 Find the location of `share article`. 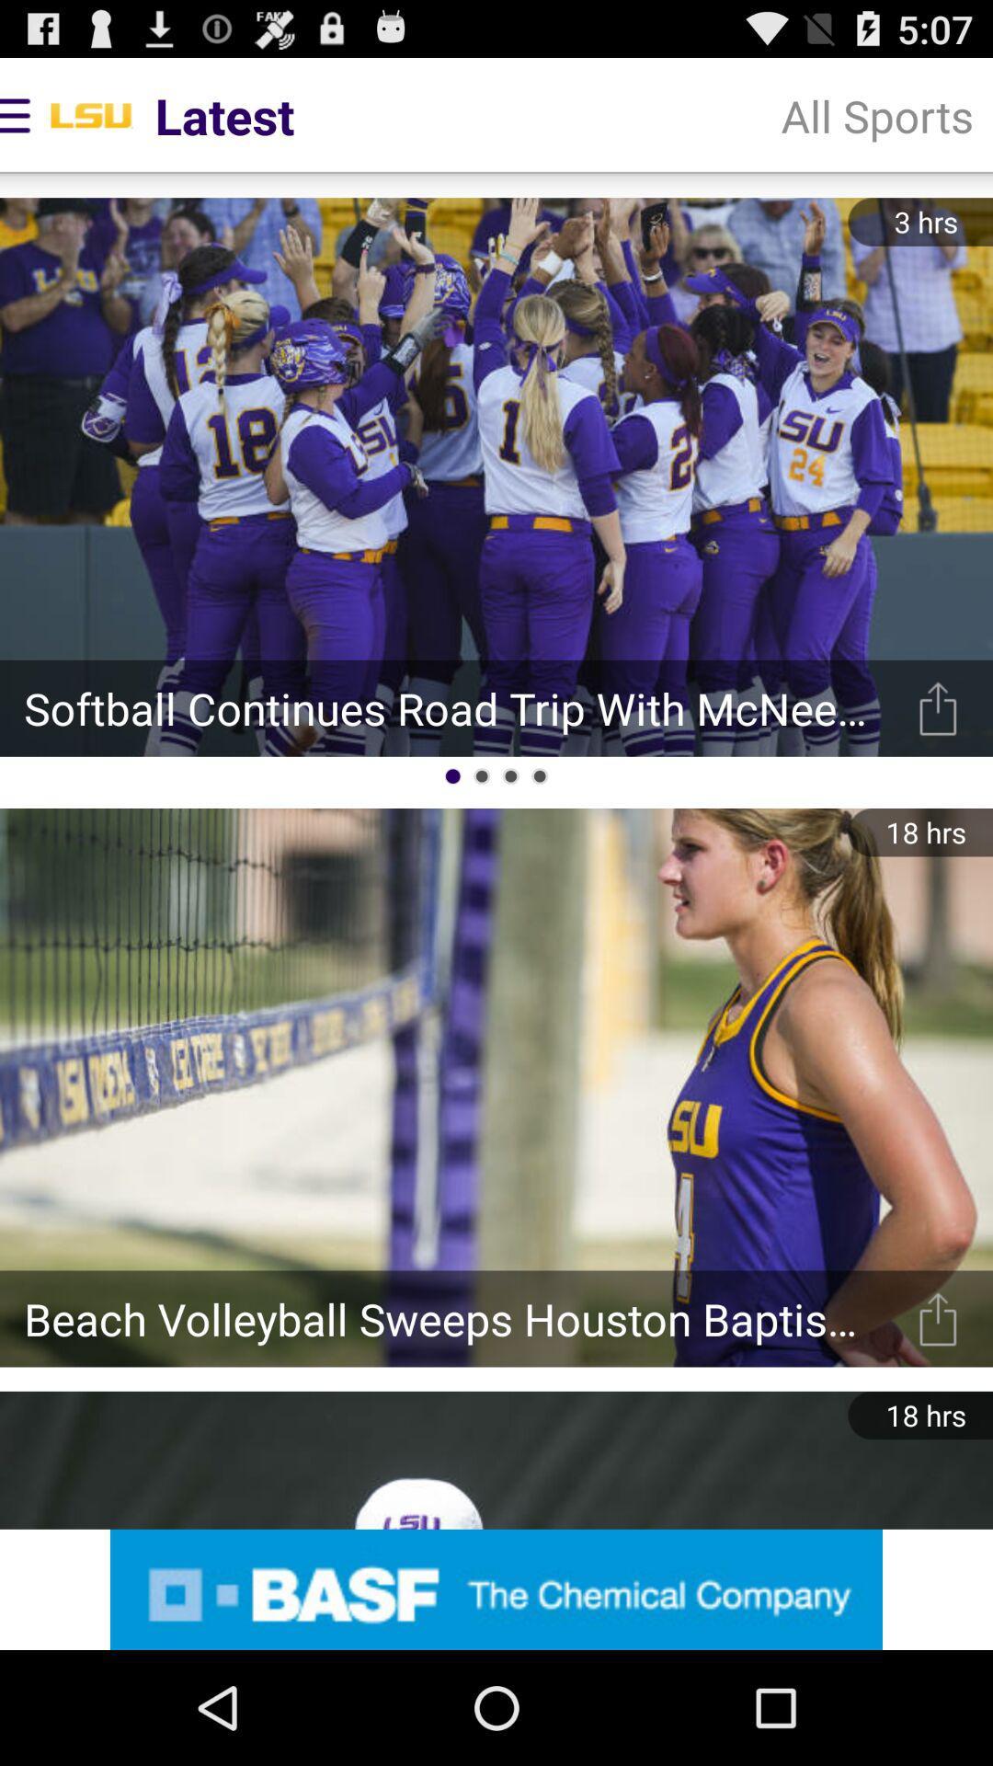

share article is located at coordinates (938, 1318).